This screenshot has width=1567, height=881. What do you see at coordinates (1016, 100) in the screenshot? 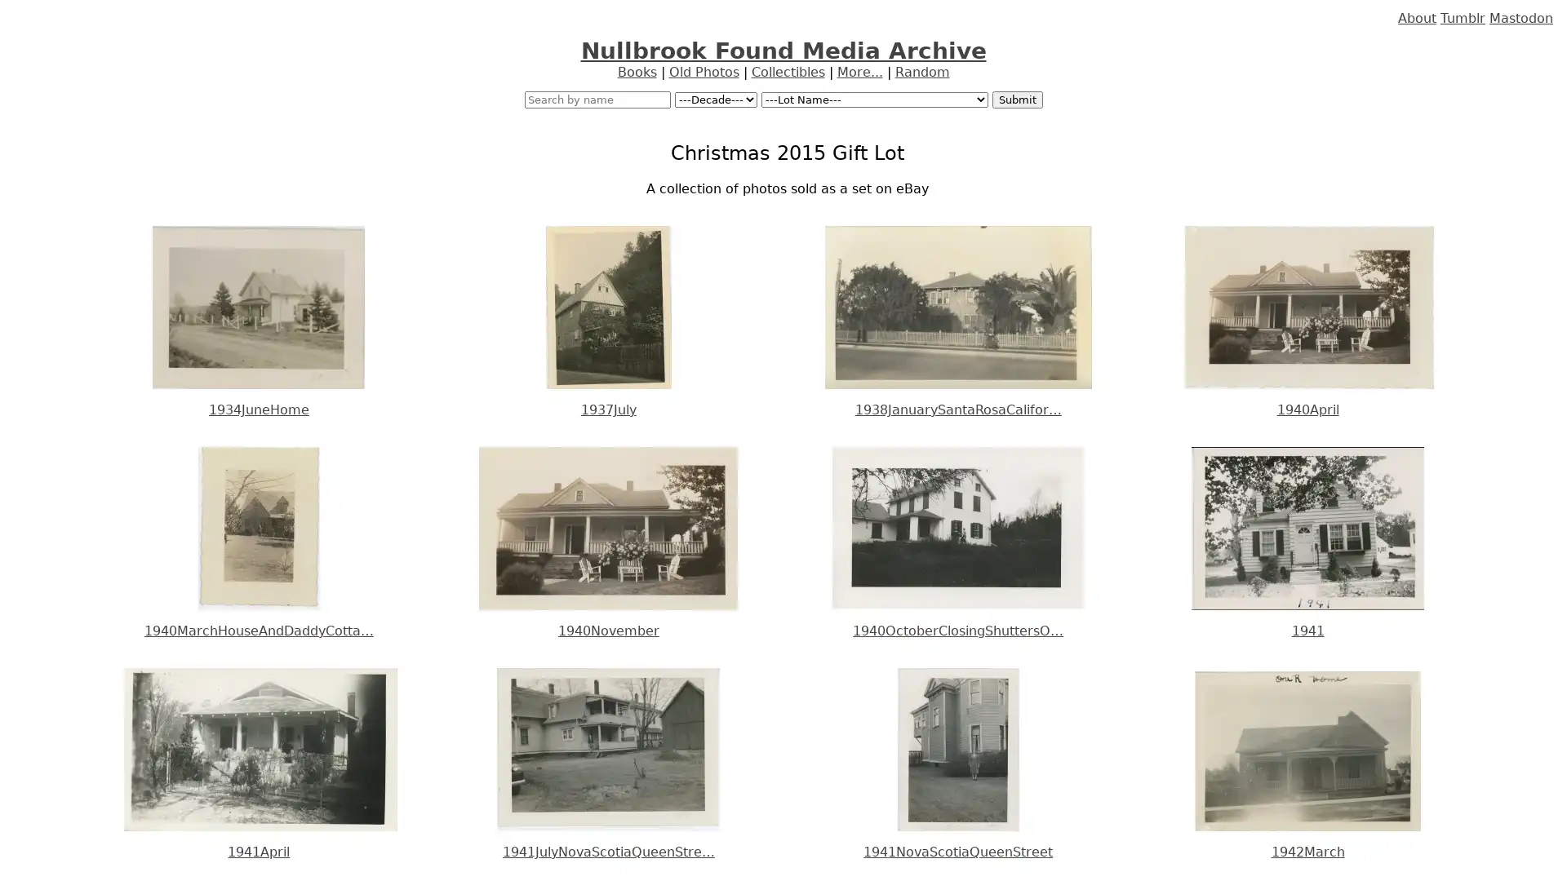
I see `Submit` at bounding box center [1016, 100].